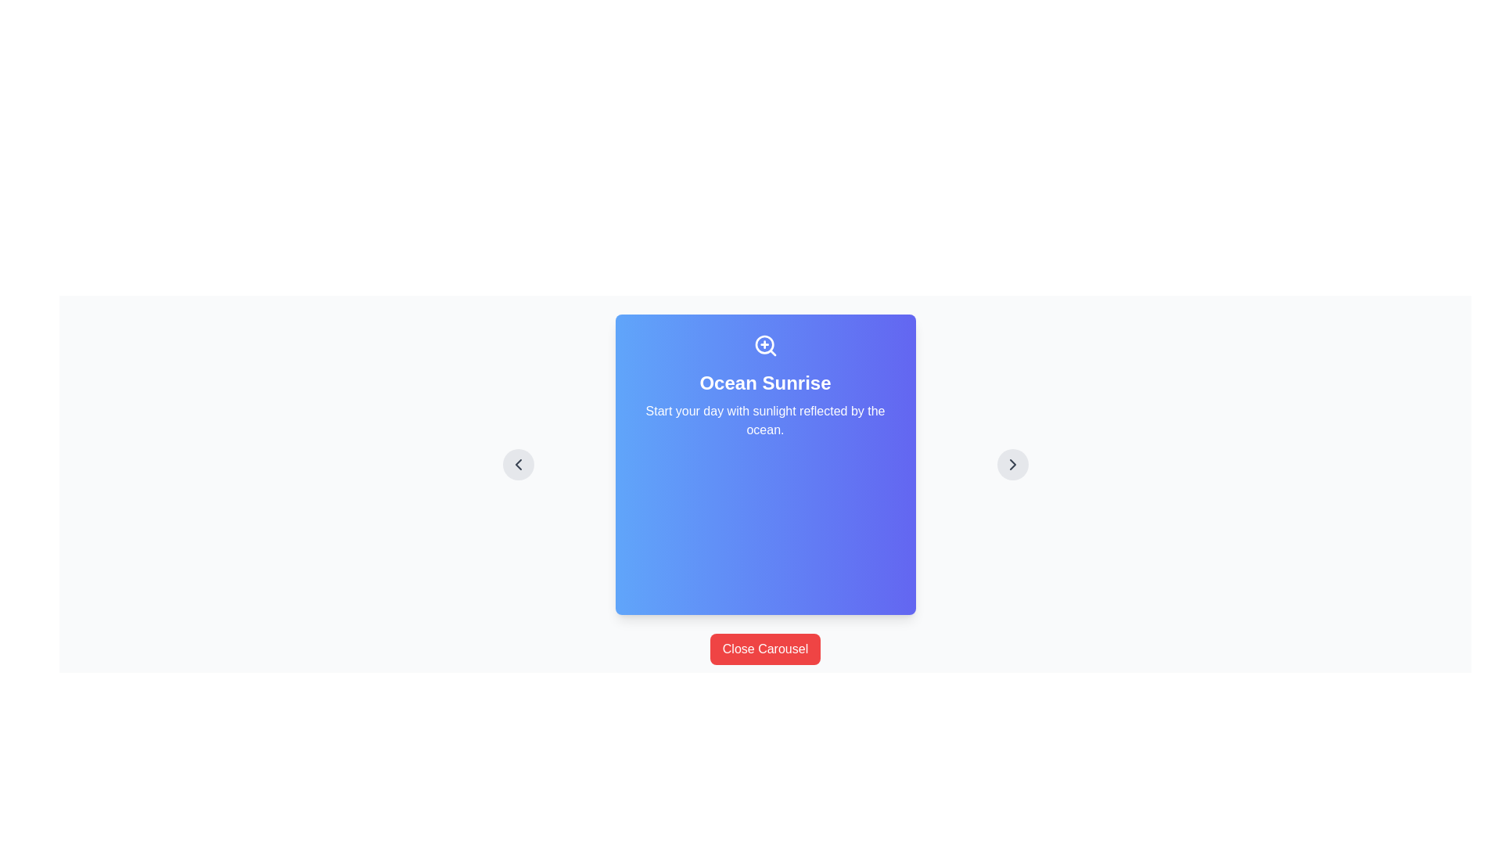 The image size is (1502, 845). I want to click on the inner part of the chevron icon located on the right side of the carousel component, adjacent to the right arrow button for navigating the slides, so click(1012, 464).